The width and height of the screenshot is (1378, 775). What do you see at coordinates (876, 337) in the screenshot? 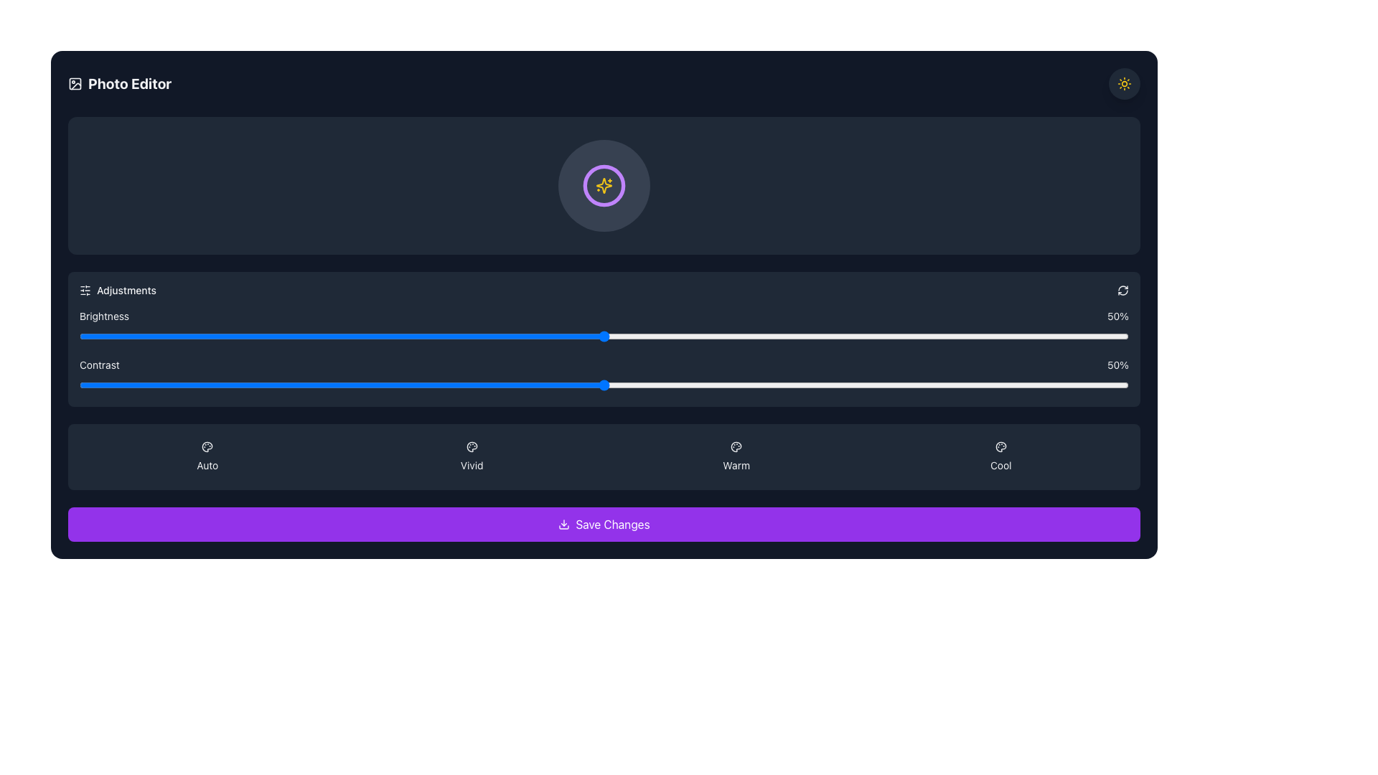
I see `contrast` at bounding box center [876, 337].